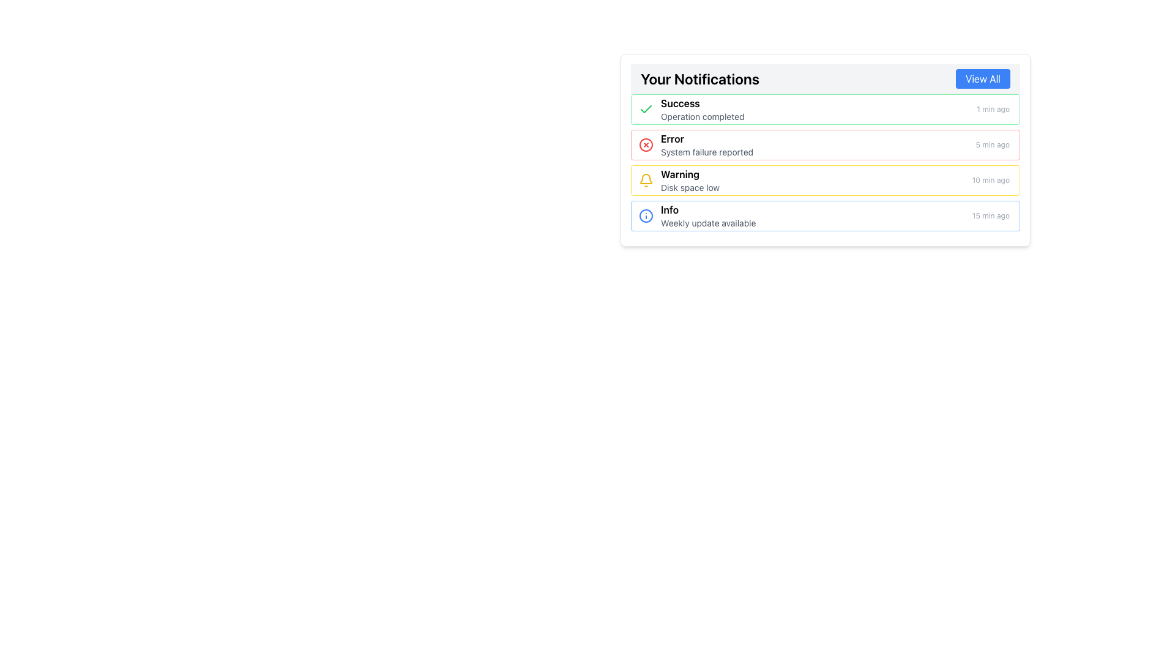  Describe the element at coordinates (993, 144) in the screenshot. I see `the text label displaying '5 min ago', which is styled in gray and indicates recent time information within an error notification` at that location.